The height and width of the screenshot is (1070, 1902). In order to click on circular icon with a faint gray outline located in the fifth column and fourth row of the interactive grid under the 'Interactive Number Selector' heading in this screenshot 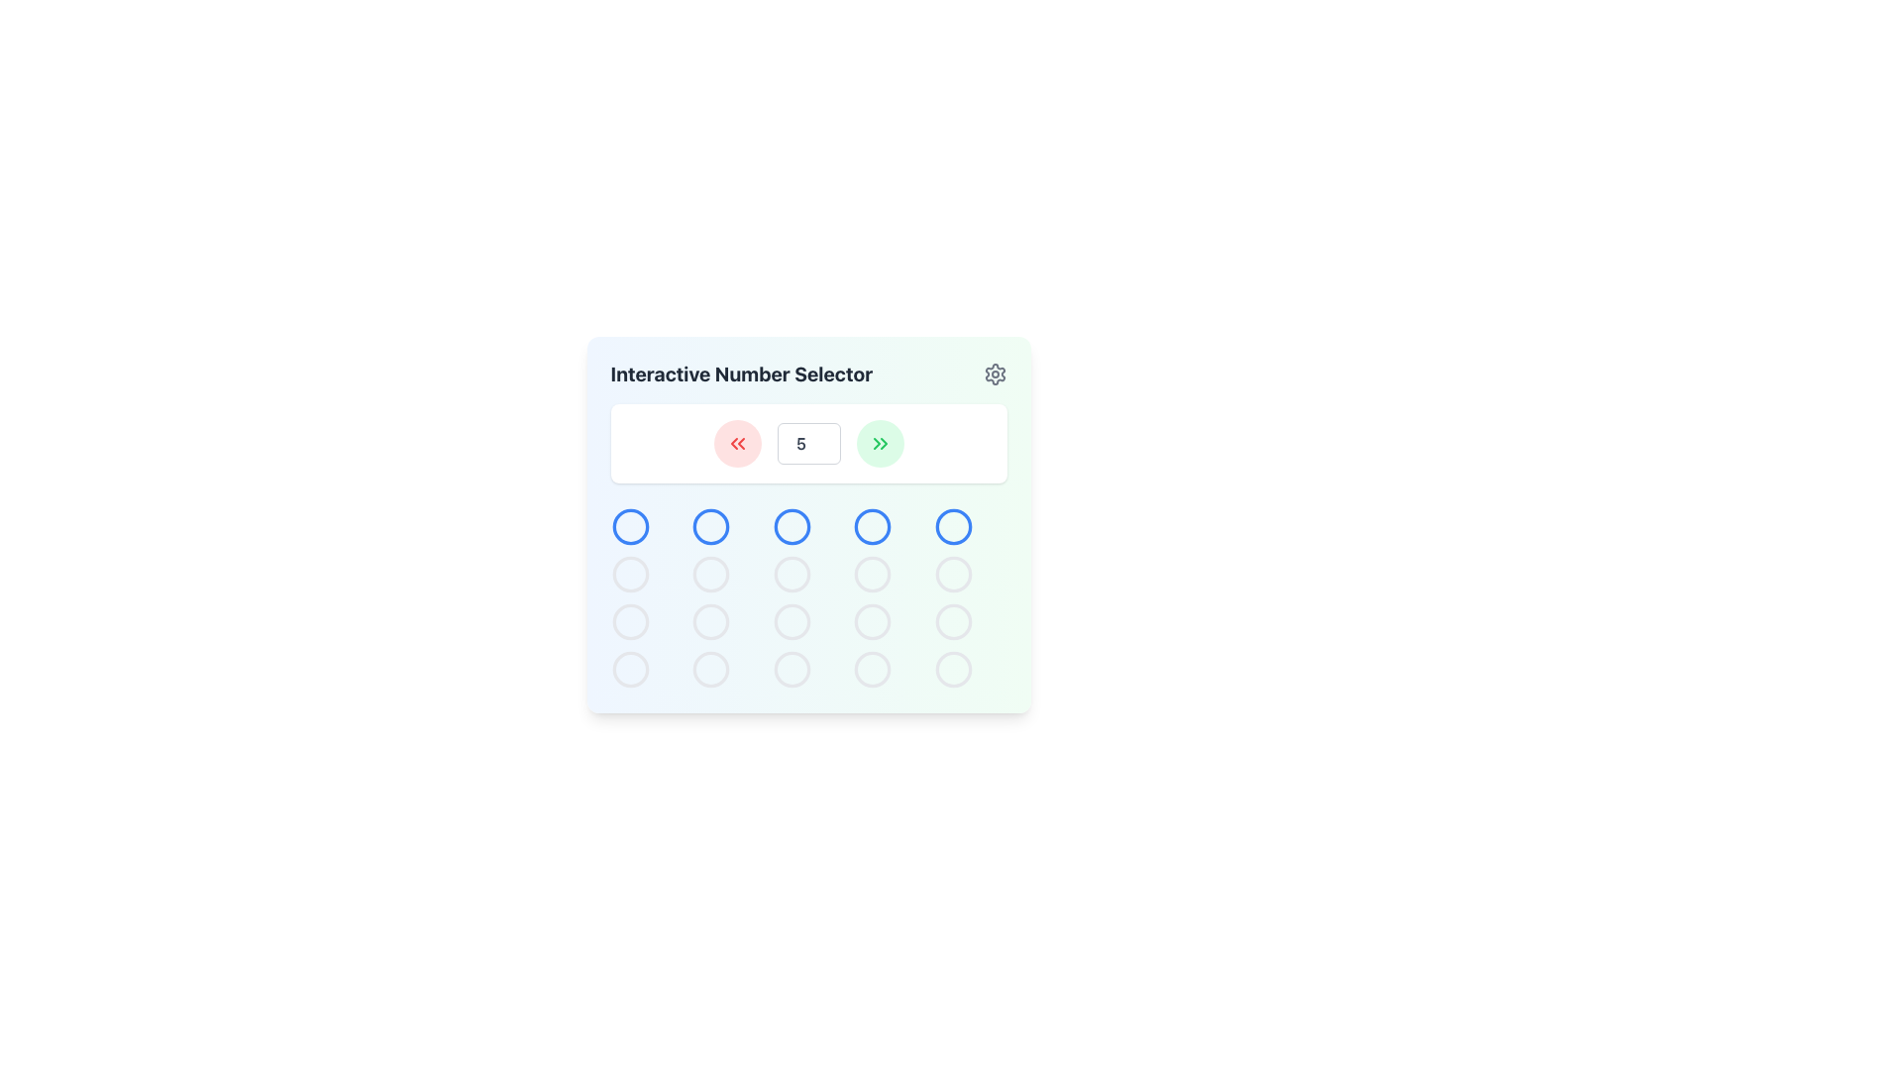, I will do `click(872, 669)`.